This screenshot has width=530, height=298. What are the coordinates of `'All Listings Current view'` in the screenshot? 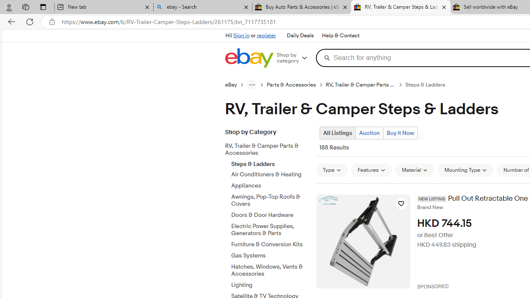 It's located at (337, 132).